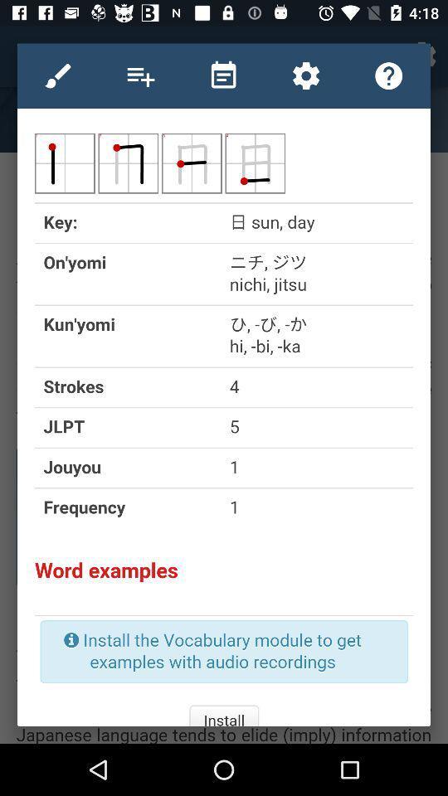 This screenshot has height=796, width=448. What do you see at coordinates (141, 75) in the screenshot?
I see `show more menu options` at bounding box center [141, 75].